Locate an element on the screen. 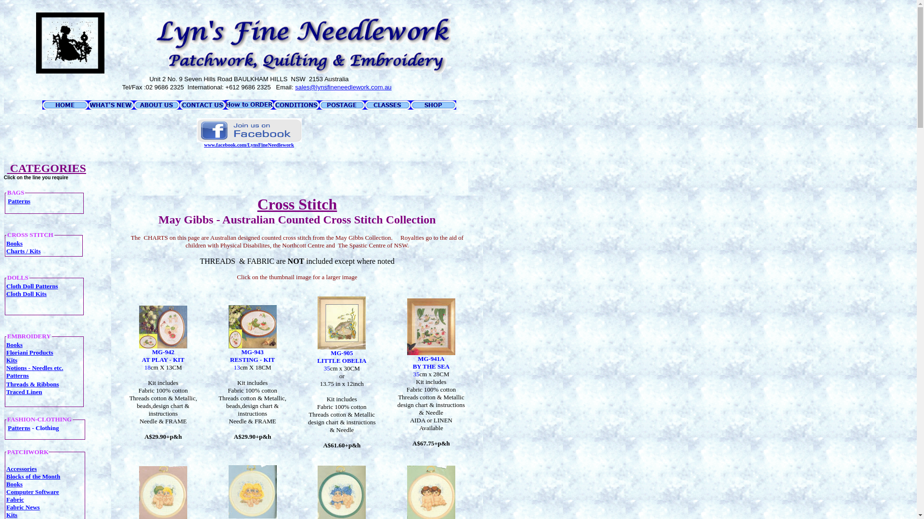 The height and width of the screenshot is (519, 924). 'Traced Linen' is located at coordinates (6, 392).